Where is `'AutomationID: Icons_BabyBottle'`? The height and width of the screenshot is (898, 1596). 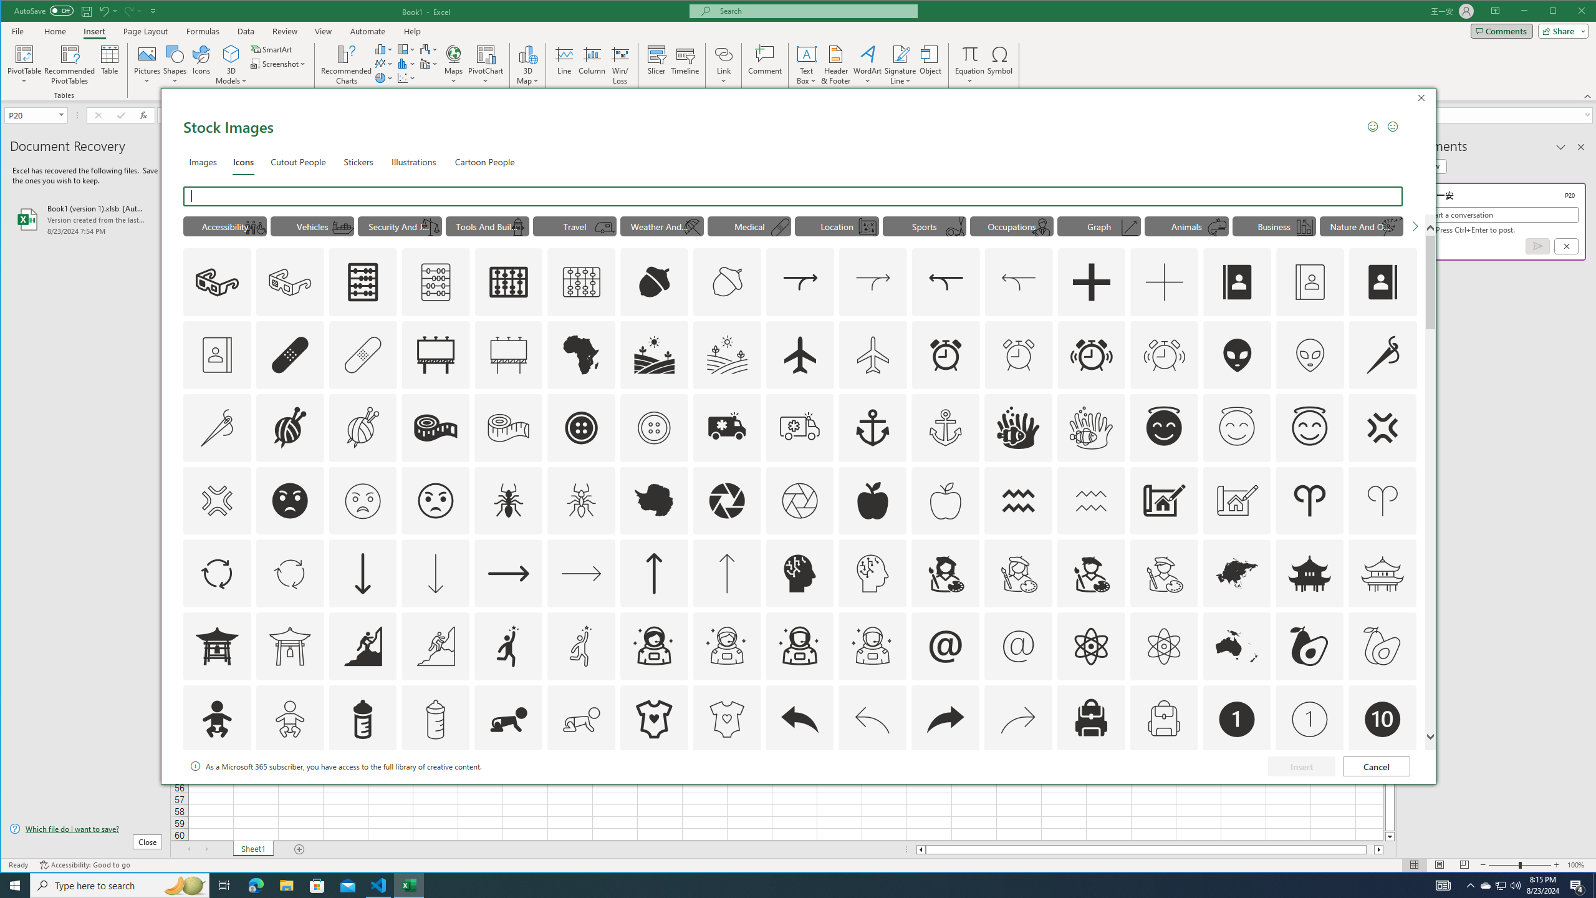 'AutomationID: Icons_BabyBottle' is located at coordinates (362, 718).